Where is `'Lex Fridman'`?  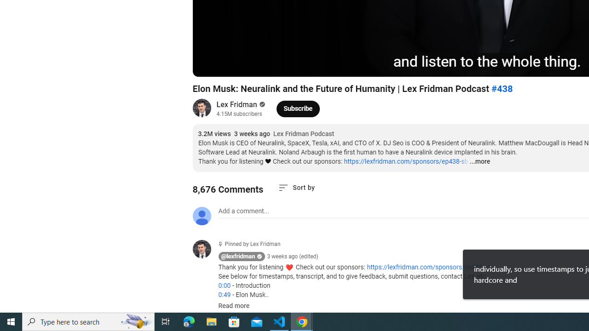 'Lex Fridman' is located at coordinates (237, 104).